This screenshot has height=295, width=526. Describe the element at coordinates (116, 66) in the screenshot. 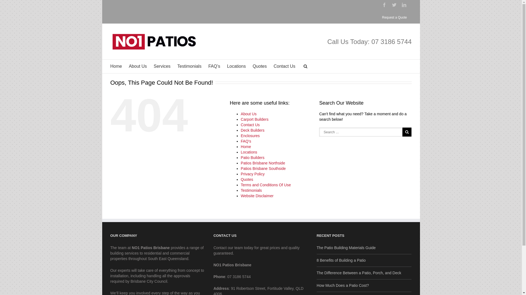

I see `'Home'` at that location.